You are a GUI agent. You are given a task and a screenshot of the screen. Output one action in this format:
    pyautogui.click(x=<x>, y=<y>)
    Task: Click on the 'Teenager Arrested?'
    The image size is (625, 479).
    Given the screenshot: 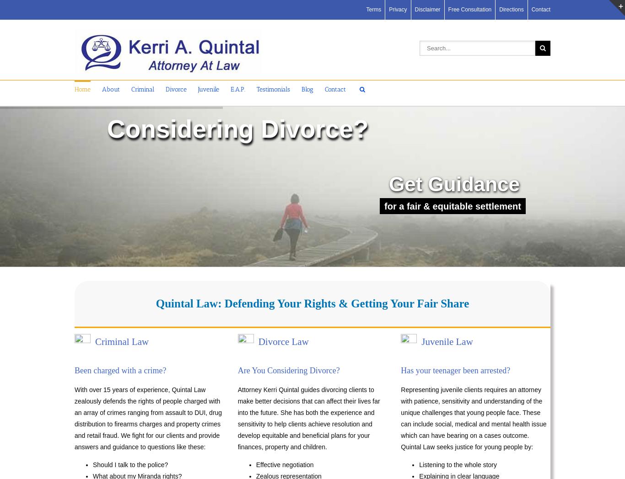 What is the action you would take?
    pyautogui.click(x=102, y=172)
    